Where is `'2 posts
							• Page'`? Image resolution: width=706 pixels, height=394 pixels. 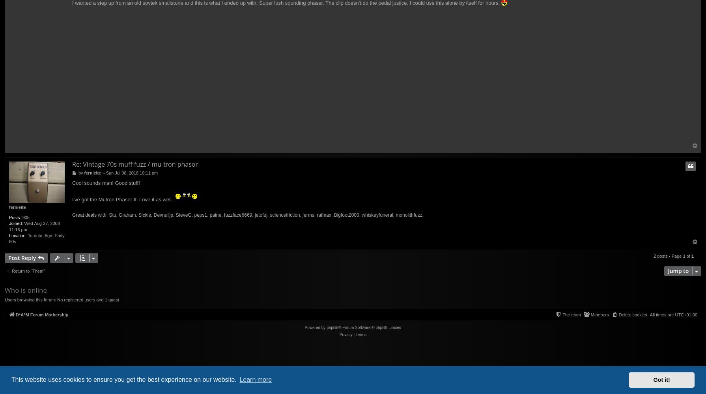 '2 posts
							• Page' is located at coordinates (653, 256).